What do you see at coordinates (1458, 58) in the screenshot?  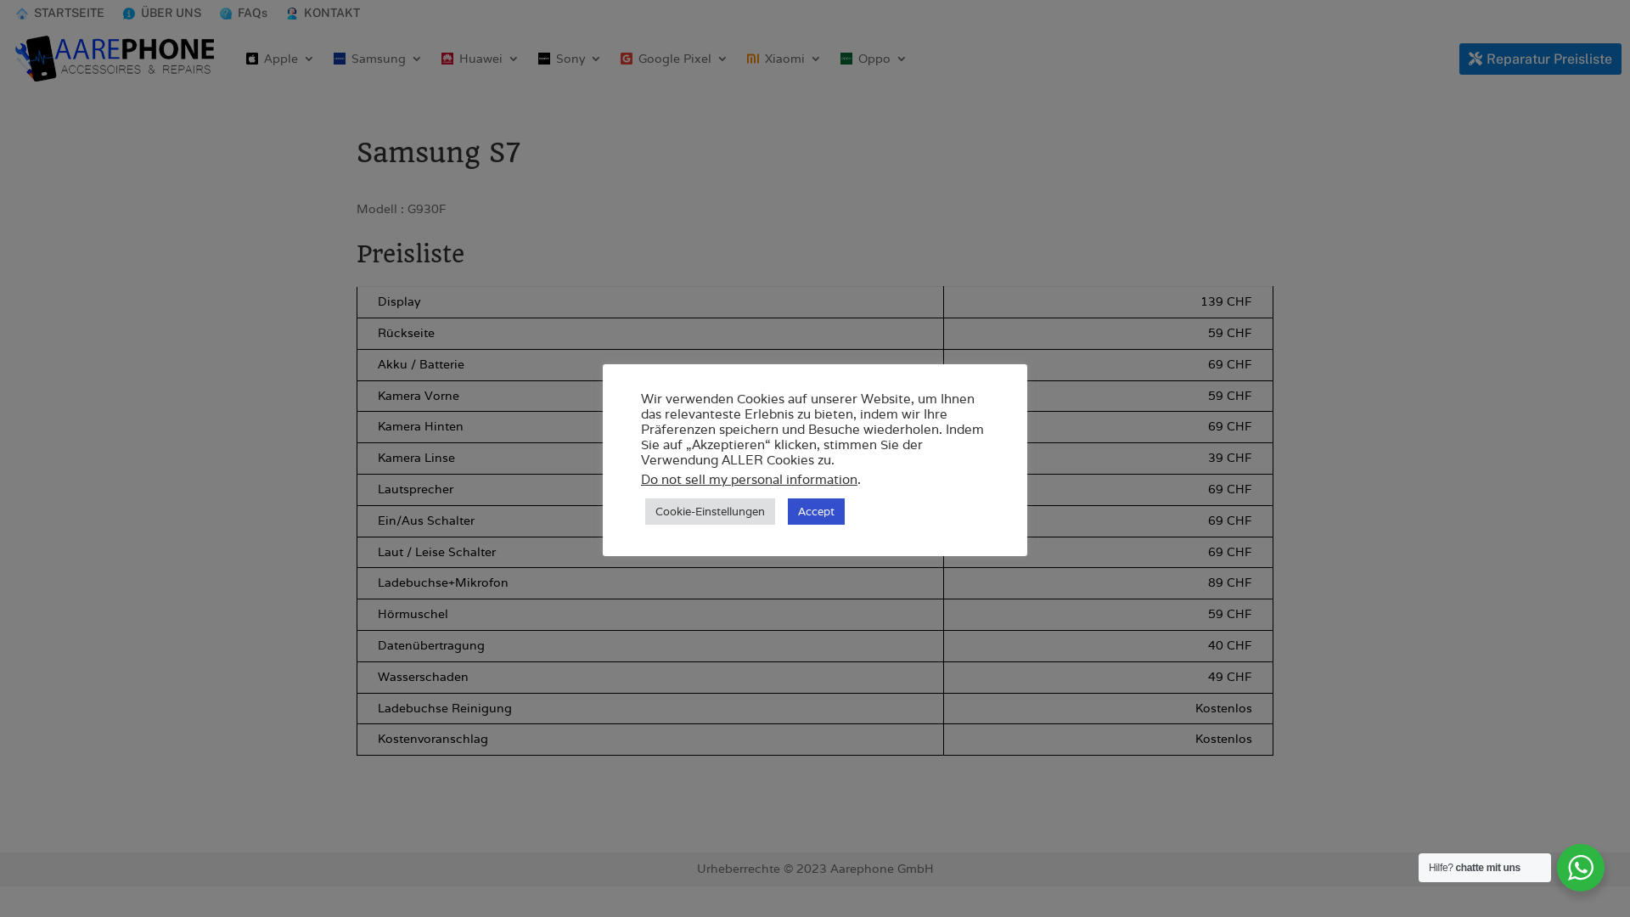 I see `'Reparatur Preisliste'` at bounding box center [1458, 58].